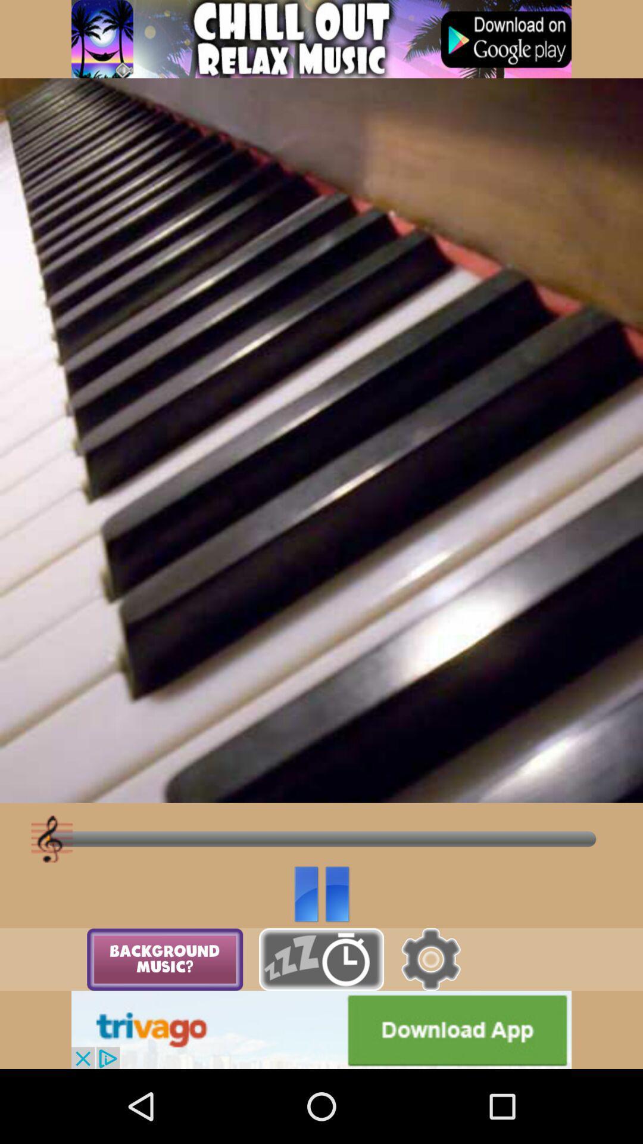 The width and height of the screenshot is (643, 1144). I want to click on open advertisement, so click(321, 39).